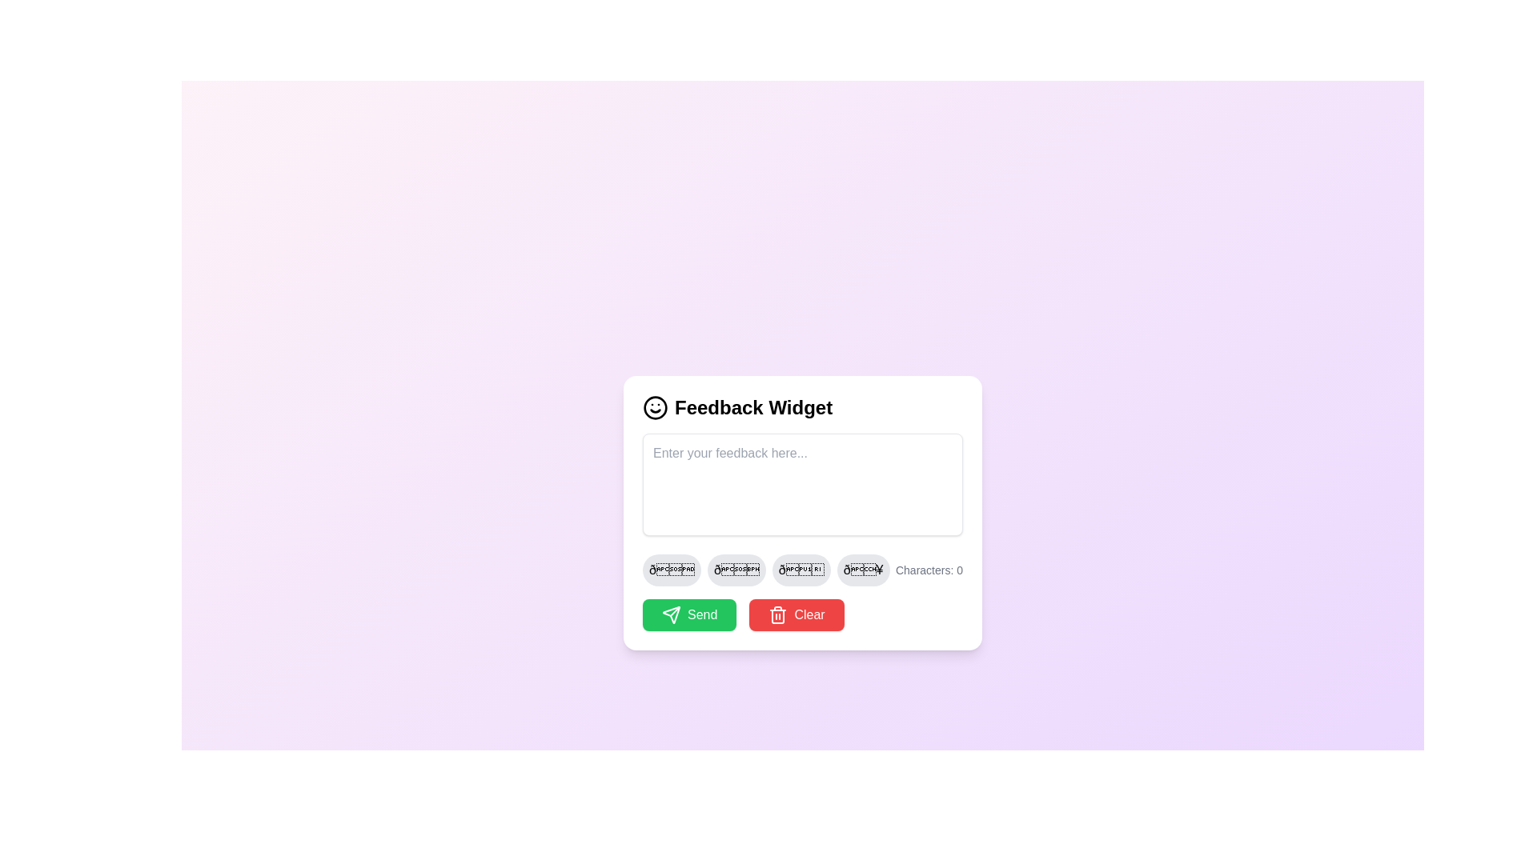 The width and height of the screenshot is (1537, 864). What do you see at coordinates (809, 614) in the screenshot?
I see `the 'Clear' button located in the bottom-right corner of the 'Feedback Widget' card` at bounding box center [809, 614].